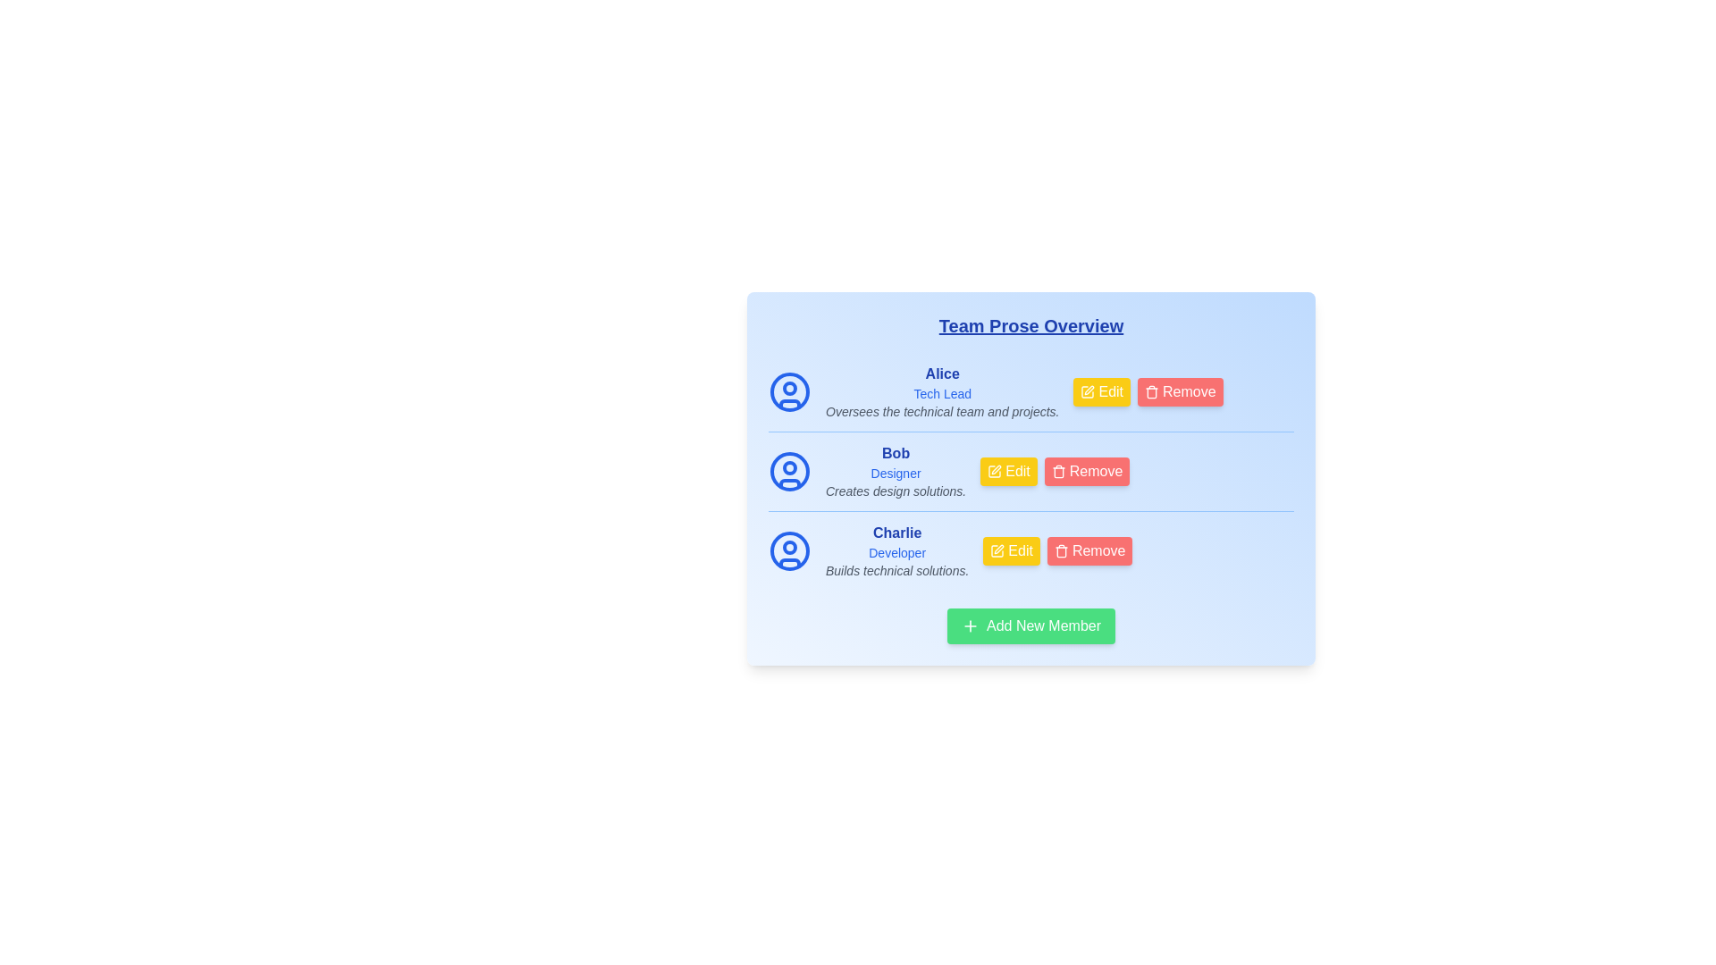 The height and width of the screenshot is (965, 1716). What do you see at coordinates (788, 550) in the screenshot?
I see `the SVG icon representing the user profile of 'Charlie'` at bounding box center [788, 550].